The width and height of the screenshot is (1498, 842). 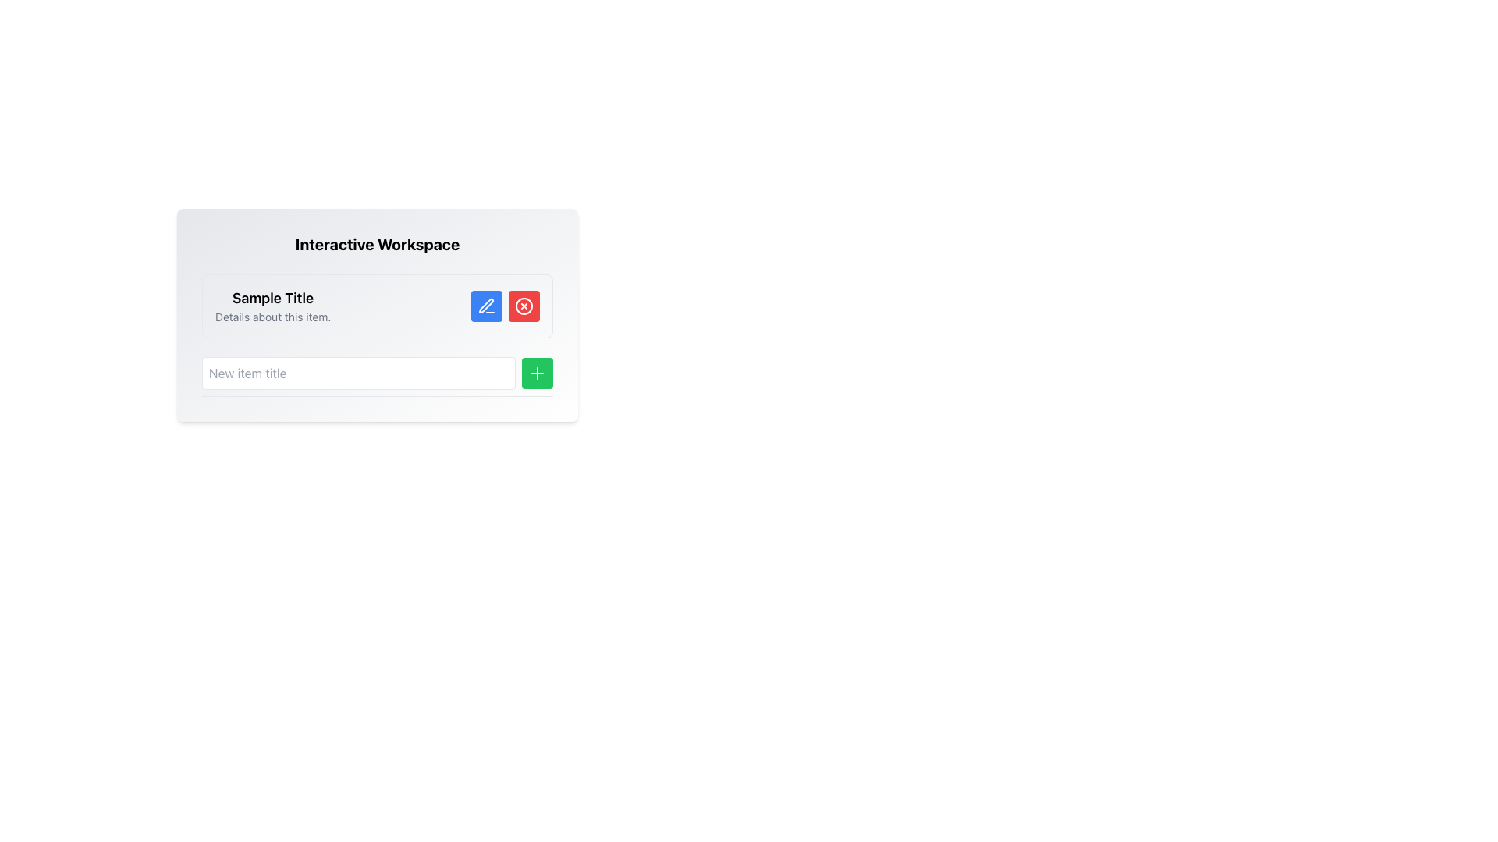 What do you see at coordinates (273, 317) in the screenshot?
I see `text label located below the 'Sample Title' header, which provides additional descriptive information for users` at bounding box center [273, 317].